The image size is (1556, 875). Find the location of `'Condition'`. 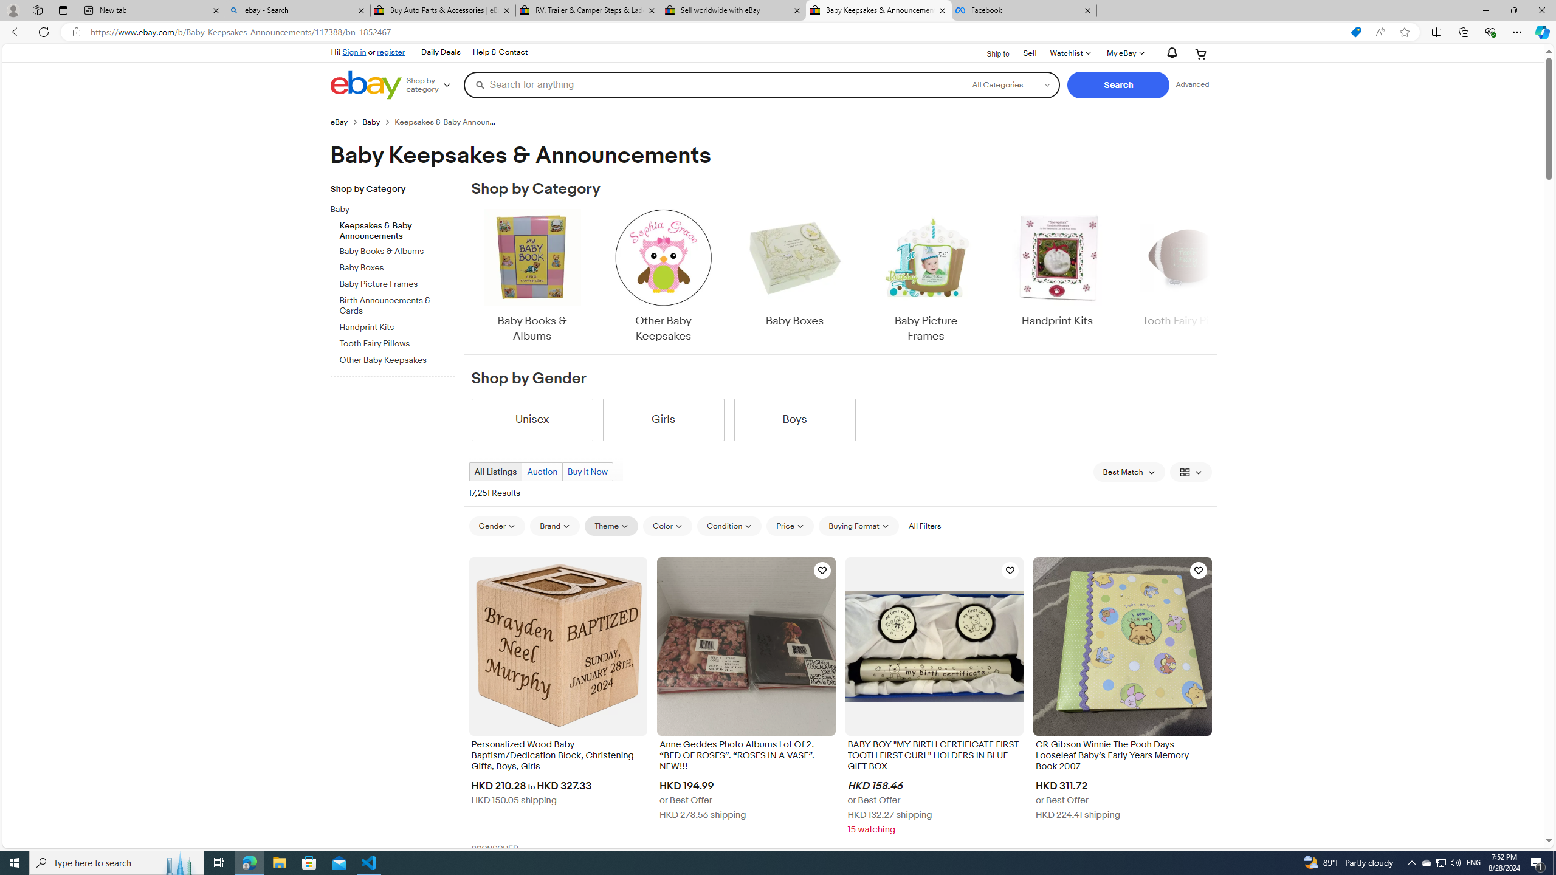

'Condition' is located at coordinates (729, 526).